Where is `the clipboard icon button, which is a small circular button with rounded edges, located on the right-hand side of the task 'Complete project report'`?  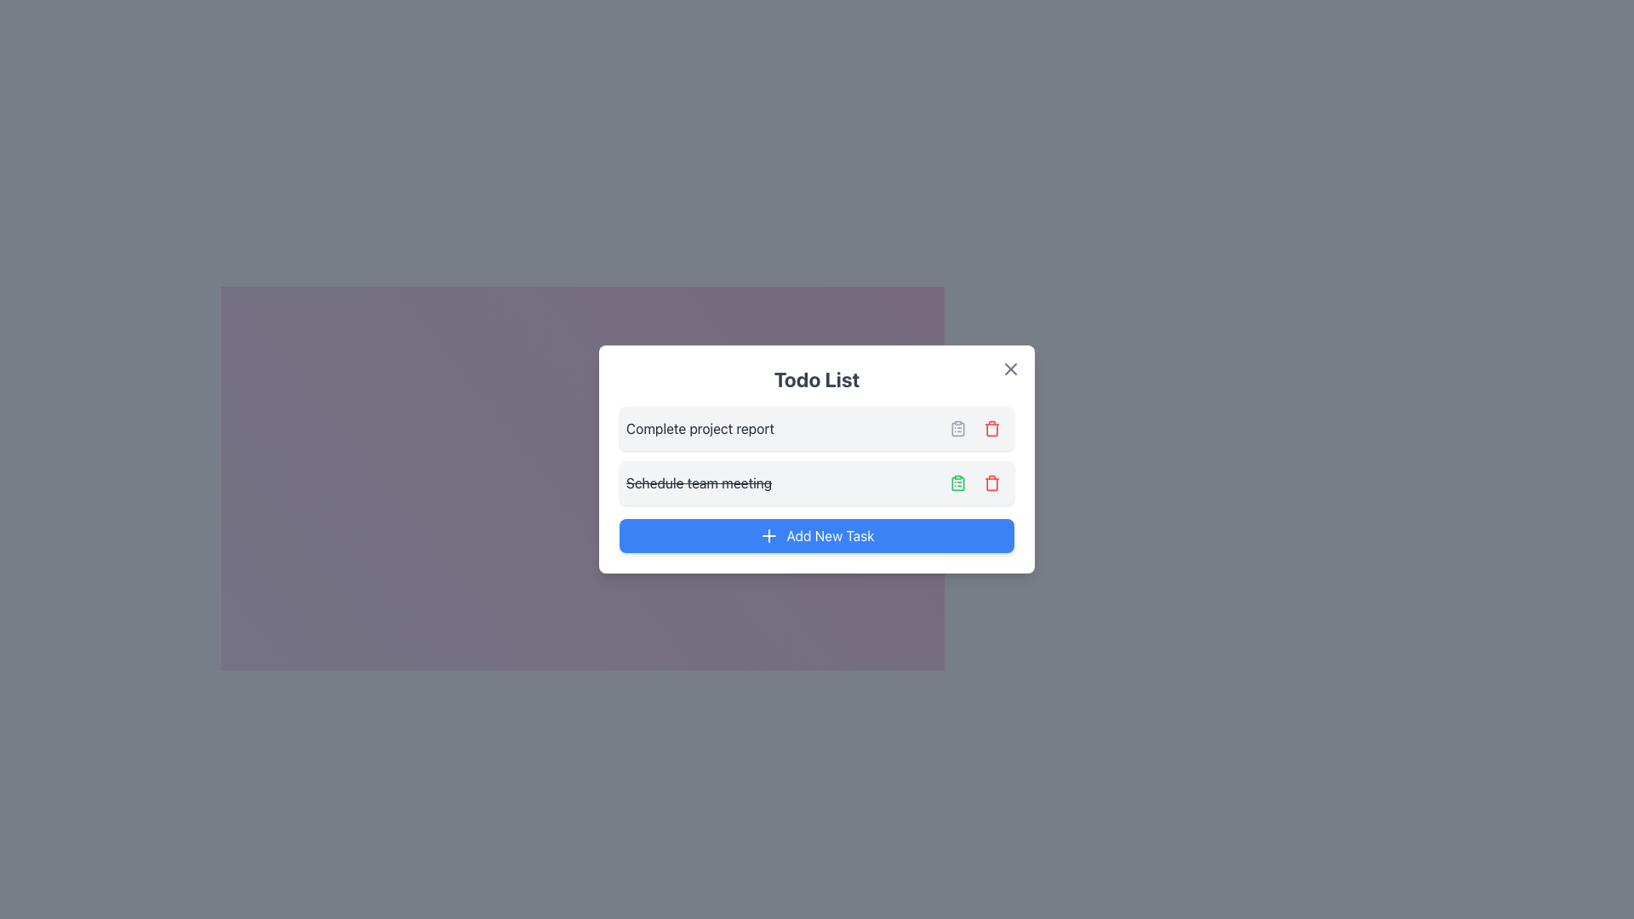
the clipboard icon button, which is a small circular button with rounded edges, located on the right-hand side of the task 'Complete project report' is located at coordinates (958, 428).